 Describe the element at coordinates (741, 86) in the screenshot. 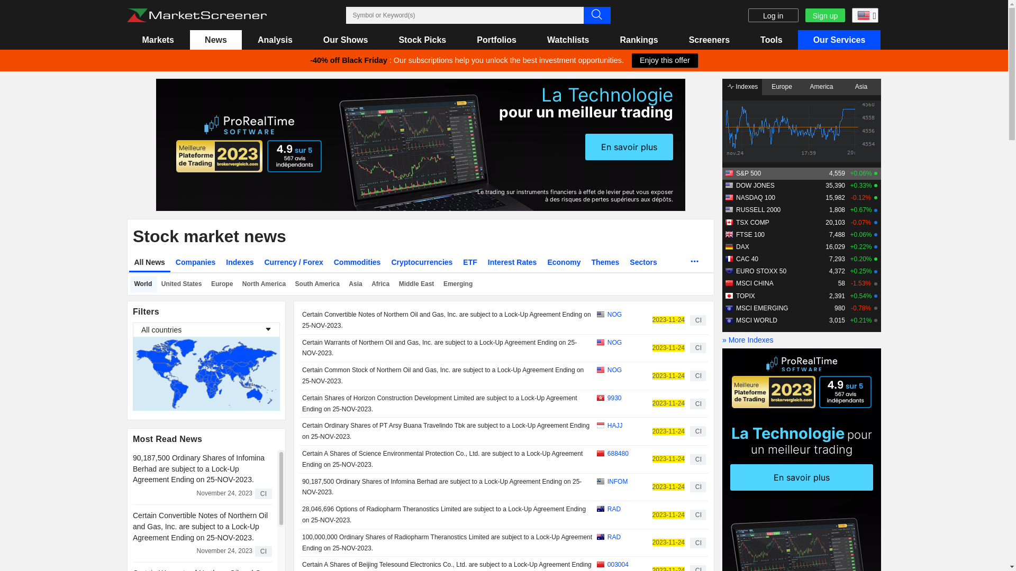

I see `'Indexes'` at that location.